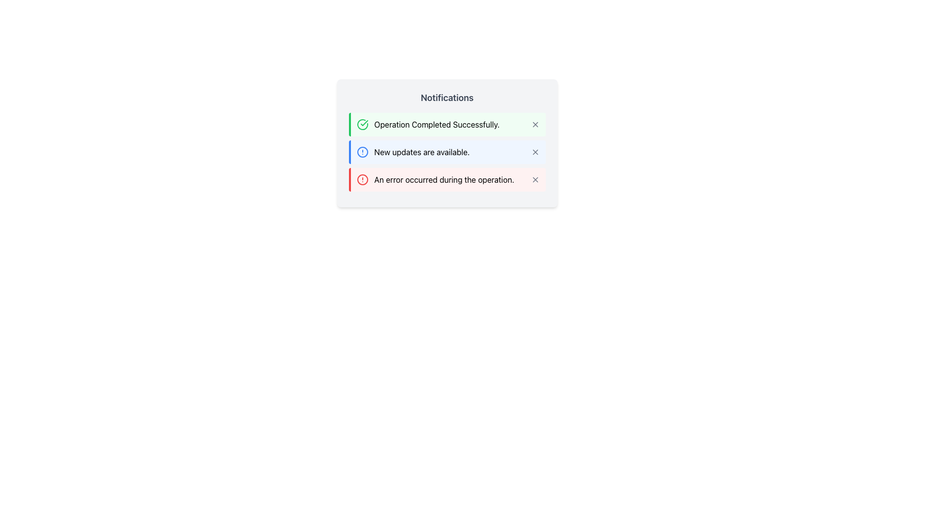 The image size is (945, 532). Describe the element at coordinates (362, 180) in the screenshot. I see `the error notification icon located in the bottom-most notification entry, which is positioned to the left of the text 'An error occurred during the operation.'` at that location.